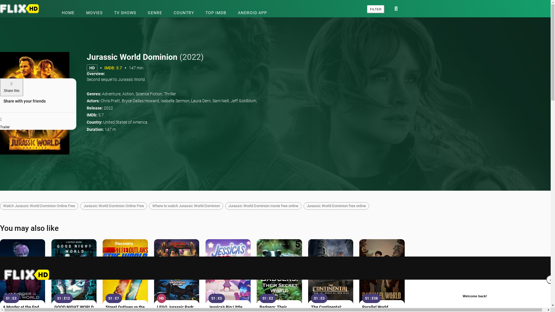 The image size is (555, 312). What do you see at coordinates (376, 9) in the screenshot?
I see `'FILTER'` at bounding box center [376, 9].